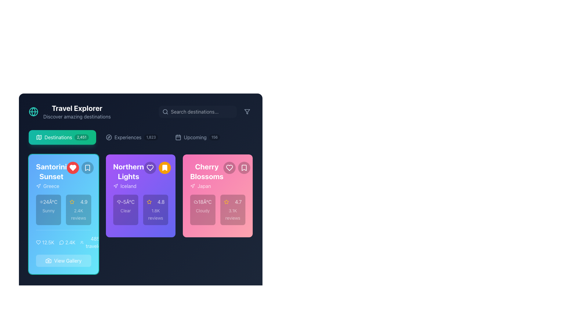 This screenshot has width=586, height=329. I want to click on the grid-based informational display component that shows weather and rating information for 'Cherry Blossoms', which is located in the third card of destination cards, so click(218, 210).